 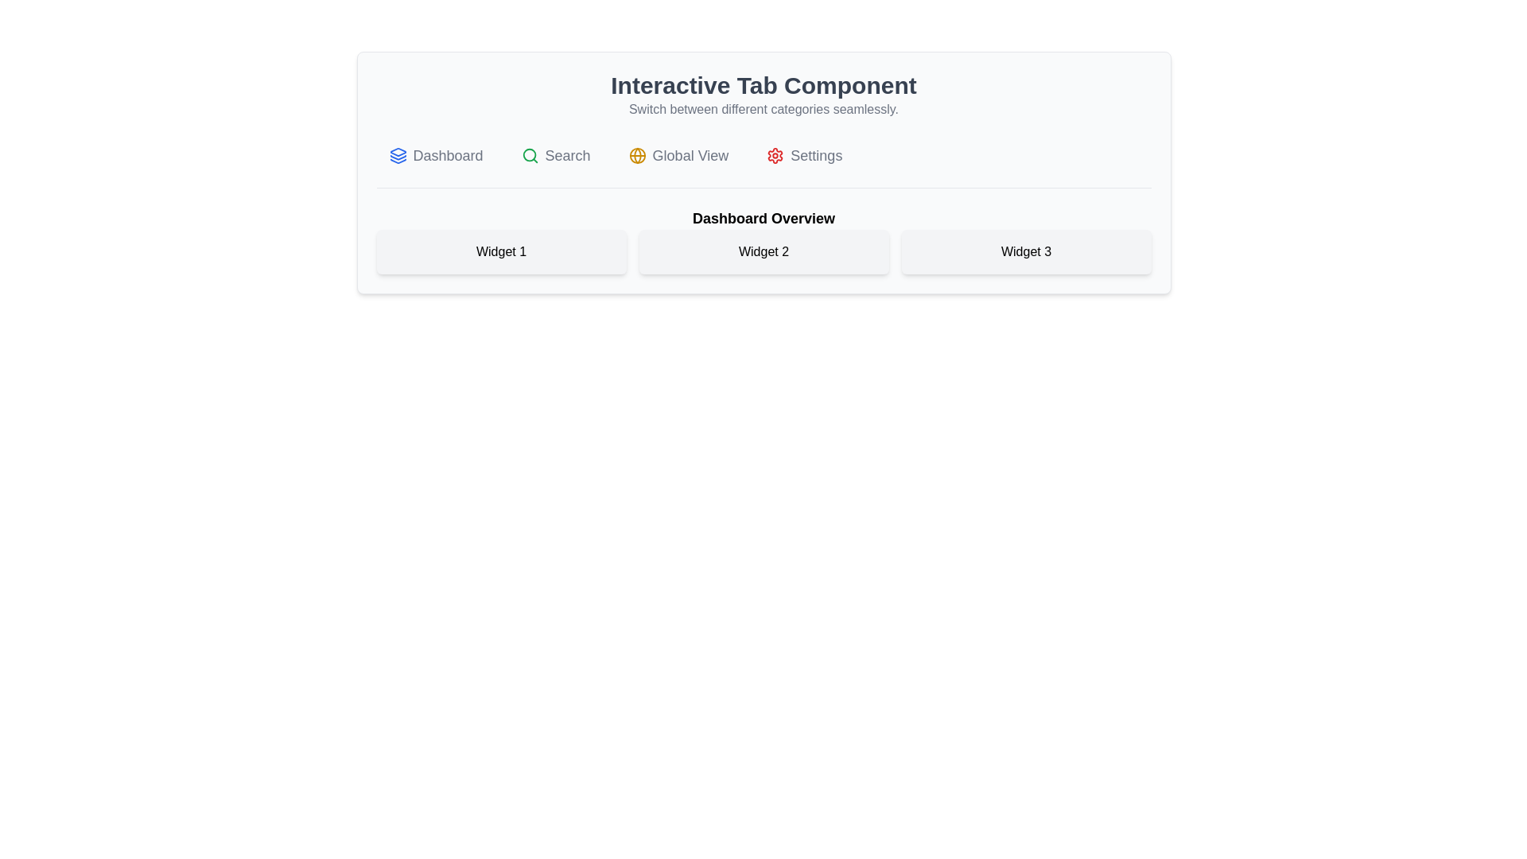 What do you see at coordinates (1026, 251) in the screenshot?
I see `the third static display component in a horizontal row of three widgets, which provides information in a grid layout` at bounding box center [1026, 251].